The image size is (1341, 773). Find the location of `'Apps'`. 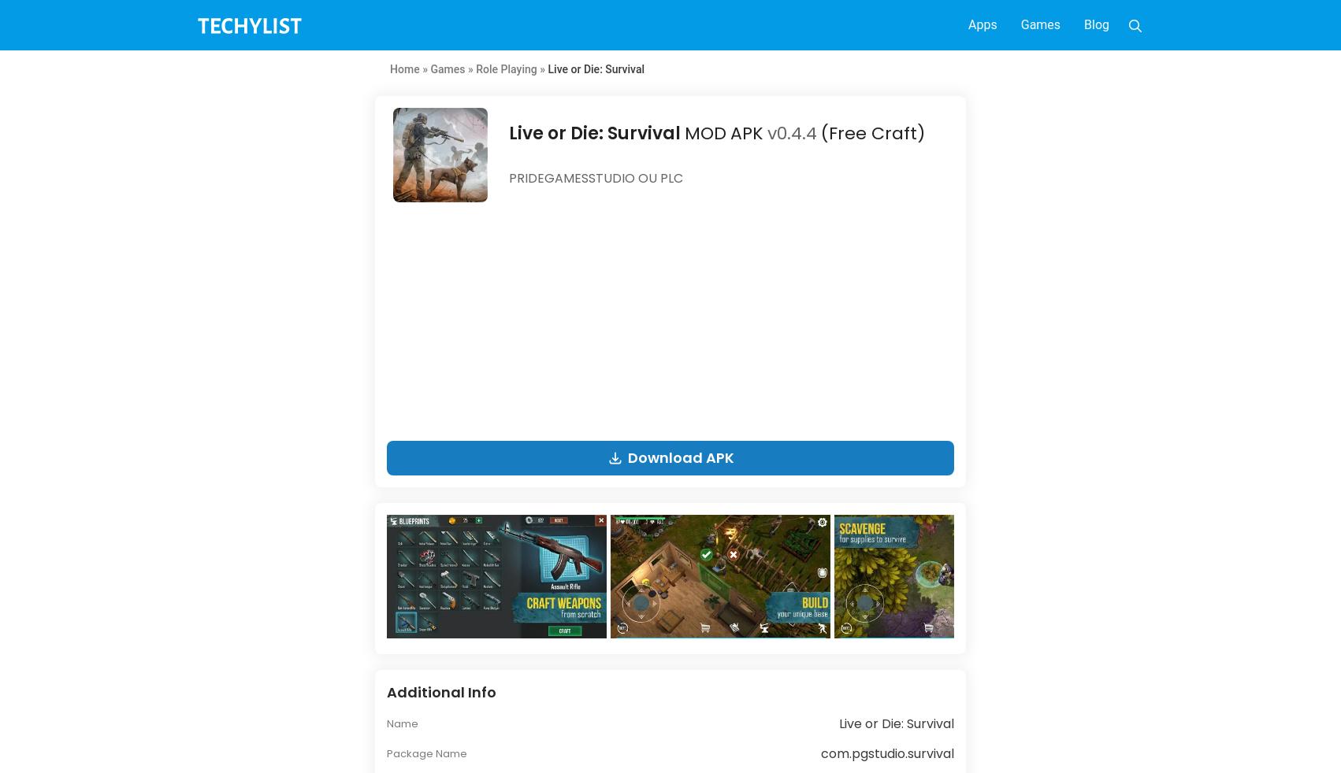

'Apps' is located at coordinates (983, 24).